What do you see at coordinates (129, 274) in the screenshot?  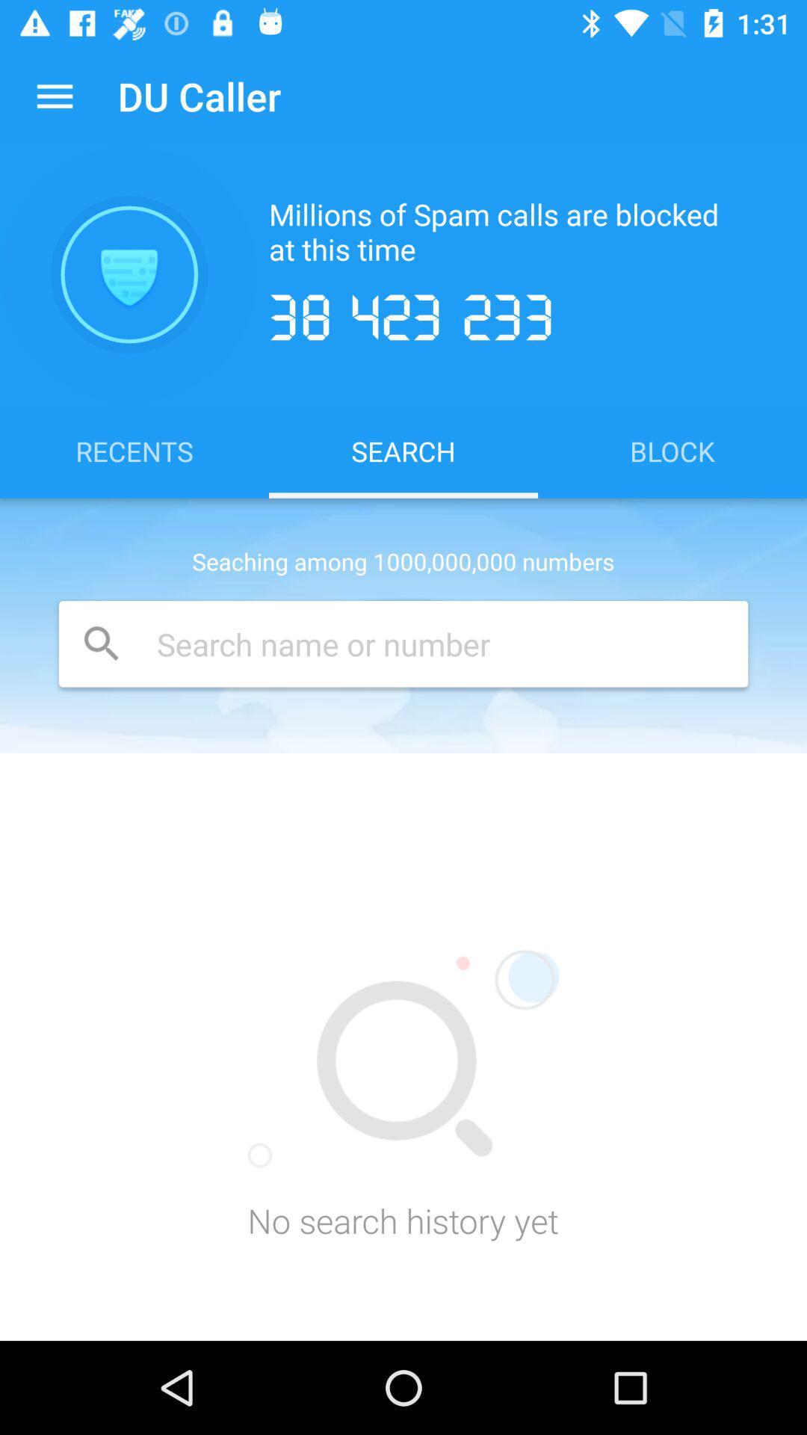 I see `item next to millions of spam icon` at bounding box center [129, 274].